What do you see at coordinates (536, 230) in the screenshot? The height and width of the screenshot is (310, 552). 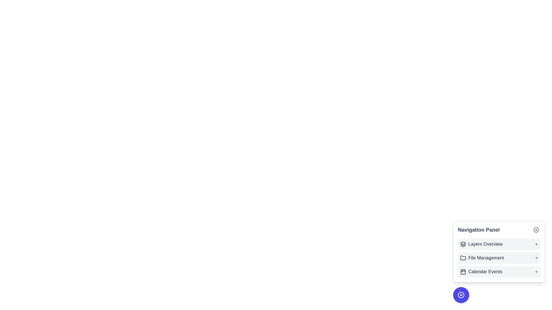 I see `the close button located at the upper-right corner of the 'Navigation Panel'` at bounding box center [536, 230].